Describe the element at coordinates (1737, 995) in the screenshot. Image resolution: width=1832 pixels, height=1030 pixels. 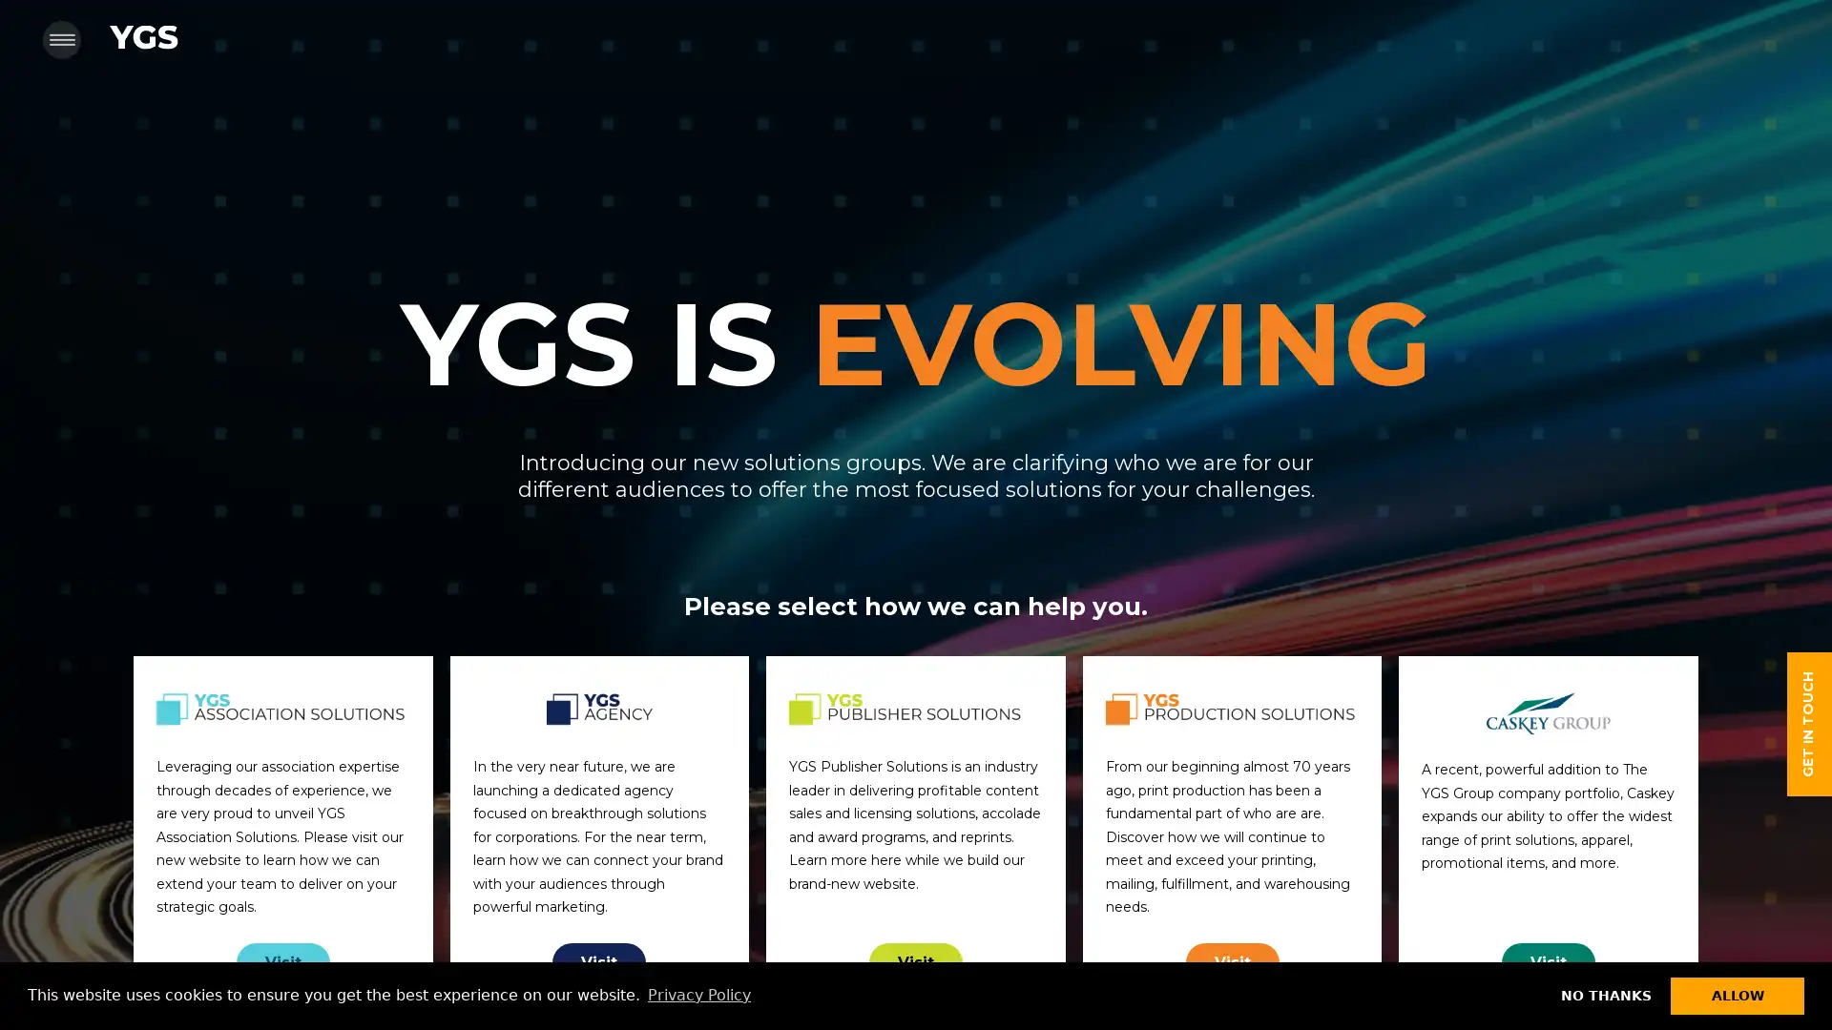
I see `allow cookies` at that location.